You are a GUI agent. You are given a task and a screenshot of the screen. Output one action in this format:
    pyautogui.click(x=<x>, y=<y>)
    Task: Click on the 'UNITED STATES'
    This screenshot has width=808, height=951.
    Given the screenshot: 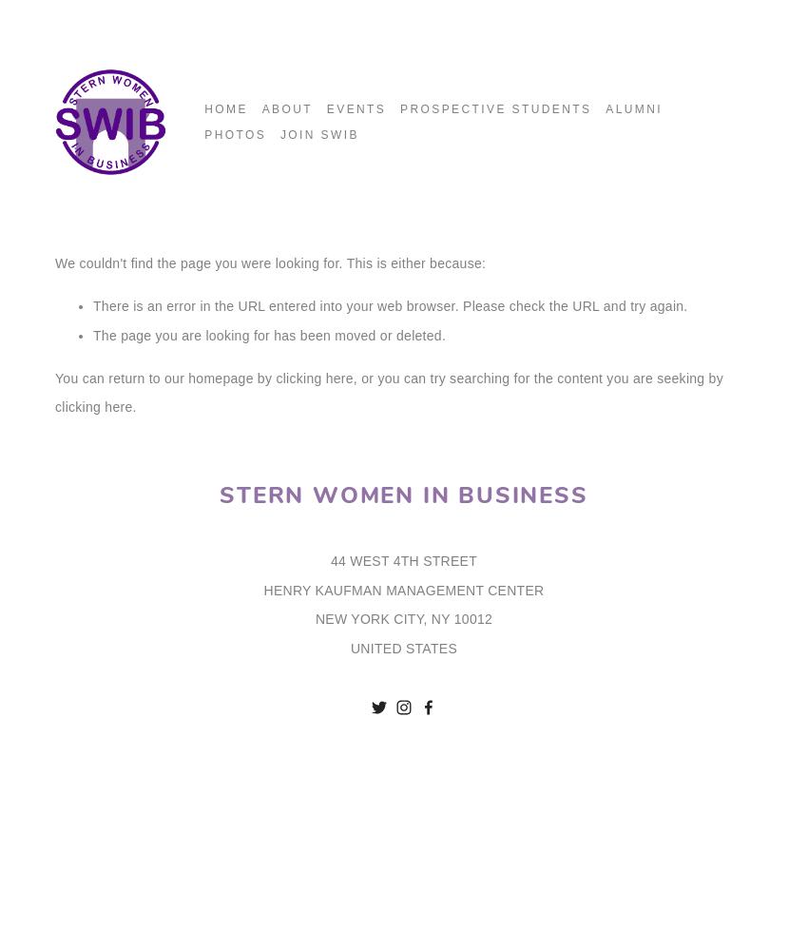 What is the action you would take?
    pyautogui.click(x=403, y=649)
    